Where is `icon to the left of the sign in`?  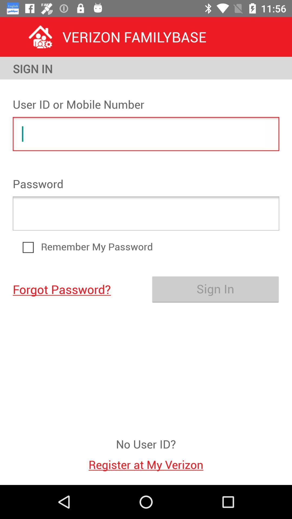
icon to the left of the sign in is located at coordinates (77, 289).